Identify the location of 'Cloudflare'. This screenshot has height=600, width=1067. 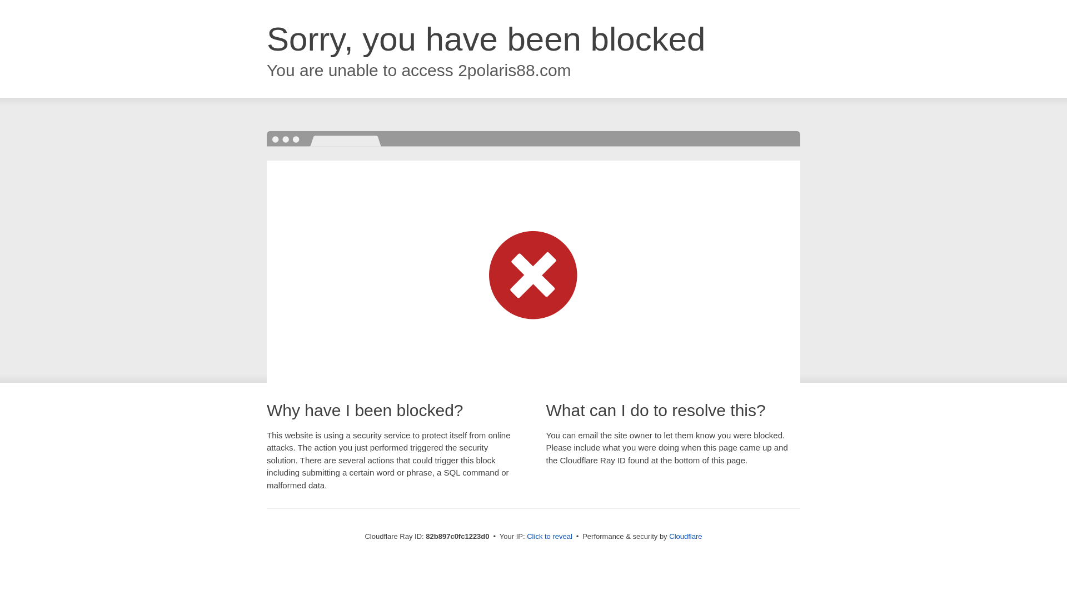
(685, 536).